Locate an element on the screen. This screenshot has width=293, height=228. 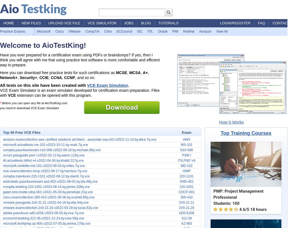
'hours' is located at coordinates (260, 209).